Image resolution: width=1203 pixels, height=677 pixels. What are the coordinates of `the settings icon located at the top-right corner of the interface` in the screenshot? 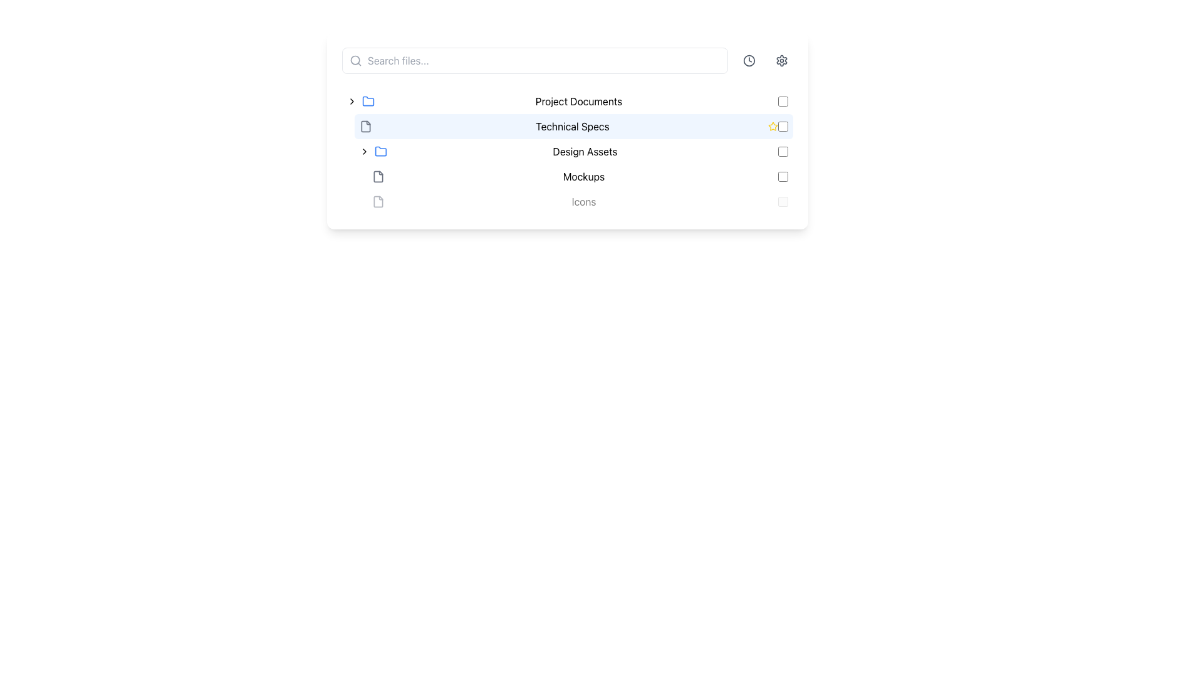 It's located at (781, 60).